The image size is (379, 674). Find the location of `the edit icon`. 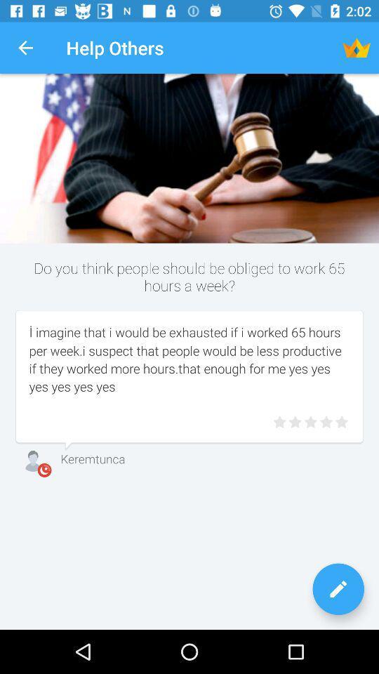

the edit icon is located at coordinates (338, 589).